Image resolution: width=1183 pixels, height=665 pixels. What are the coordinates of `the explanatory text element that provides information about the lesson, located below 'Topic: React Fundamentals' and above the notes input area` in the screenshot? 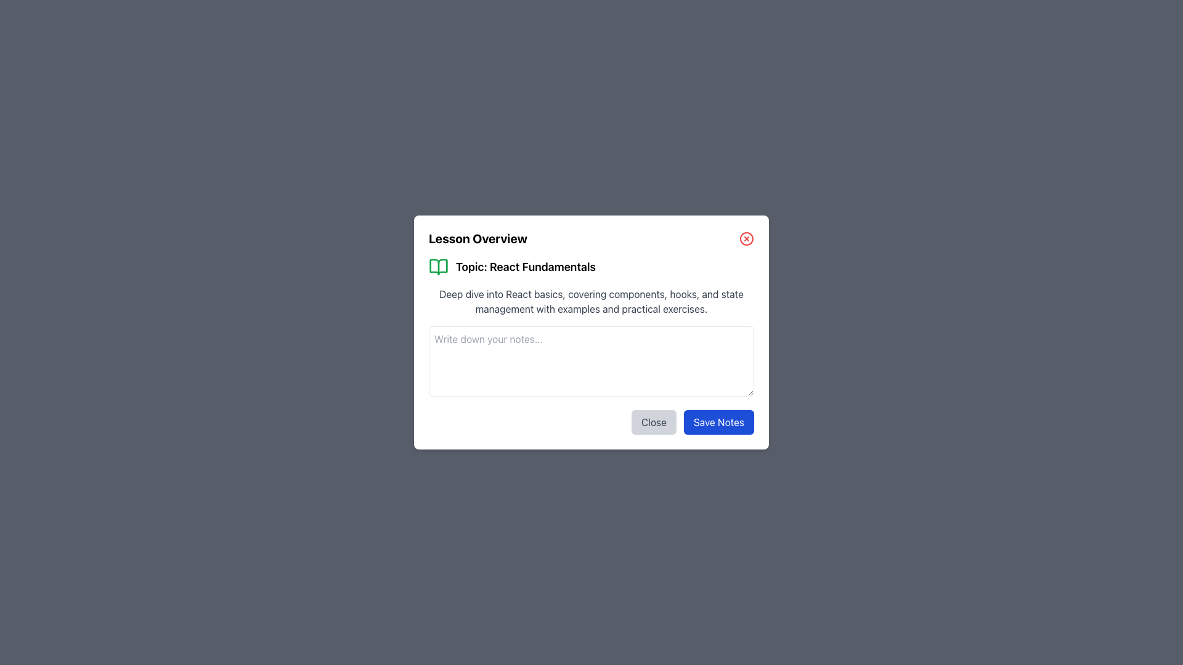 It's located at (591, 301).